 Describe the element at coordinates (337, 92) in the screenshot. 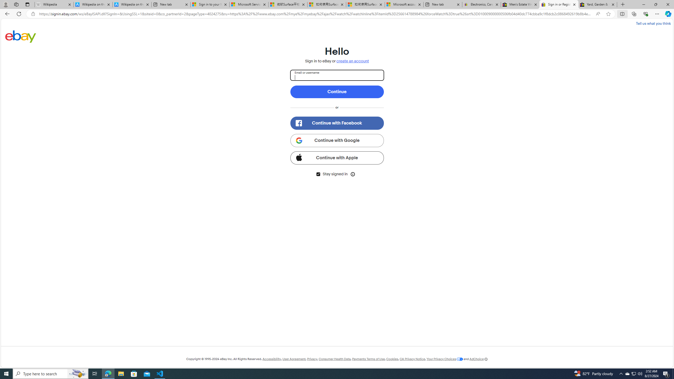

I see `'Continue'` at that location.